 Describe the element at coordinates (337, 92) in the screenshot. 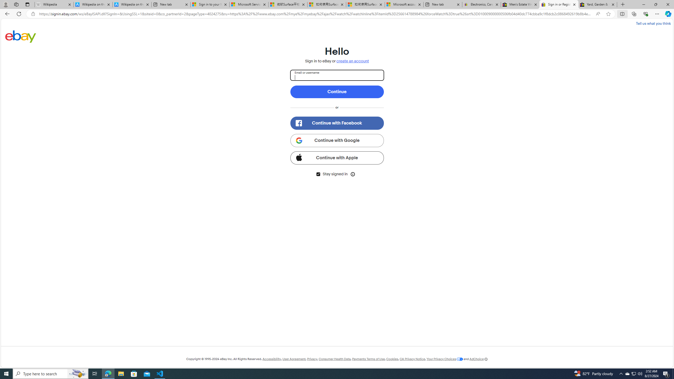

I see `'Continue'` at that location.